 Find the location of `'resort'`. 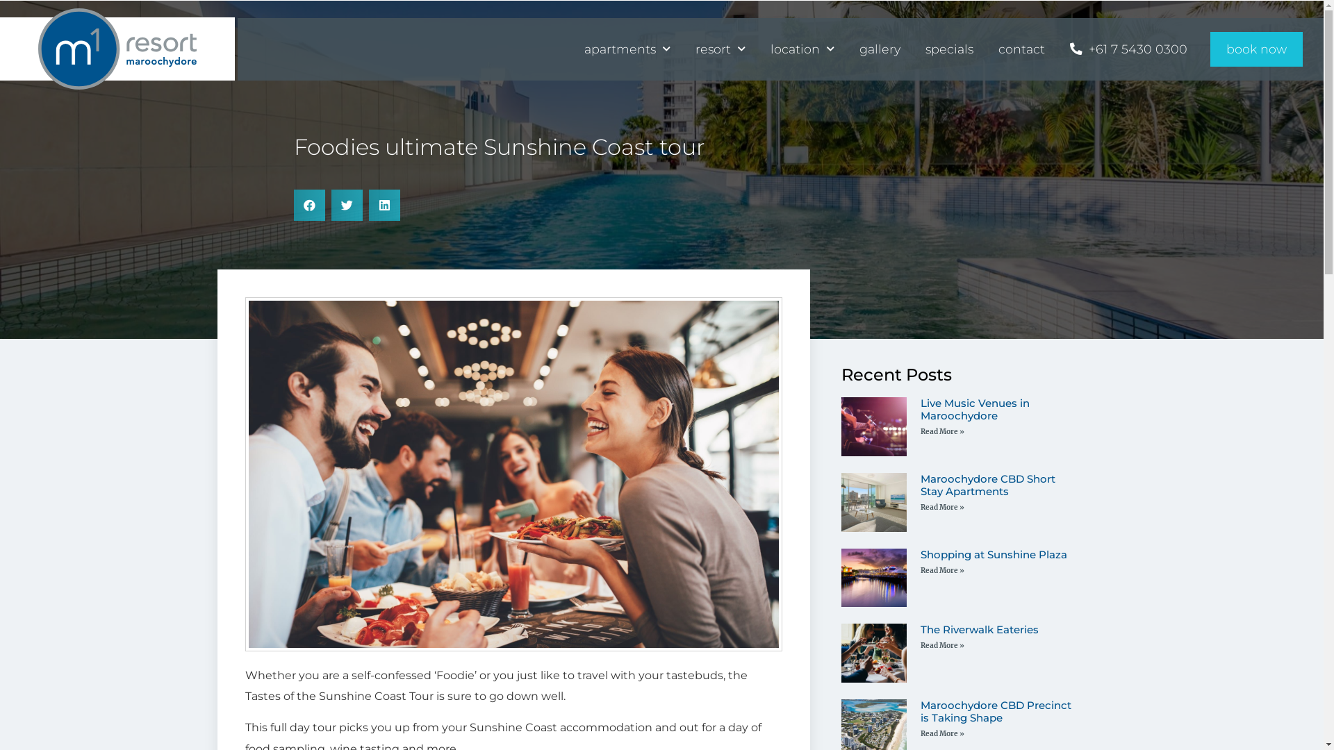

'resort' is located at coordinates (720, 48).